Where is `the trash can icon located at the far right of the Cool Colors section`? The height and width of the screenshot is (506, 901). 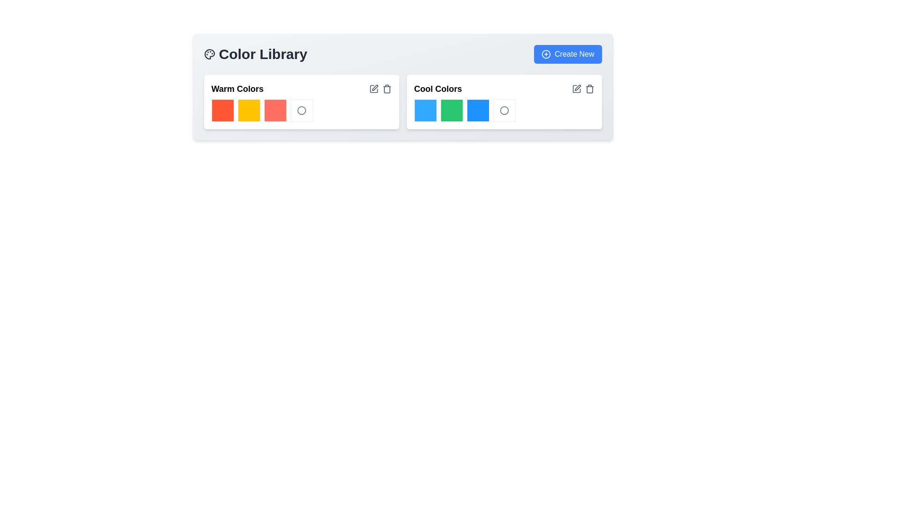
the trash can icon located at the far right of the Cool Colors section is located at coordinates (589, 89).